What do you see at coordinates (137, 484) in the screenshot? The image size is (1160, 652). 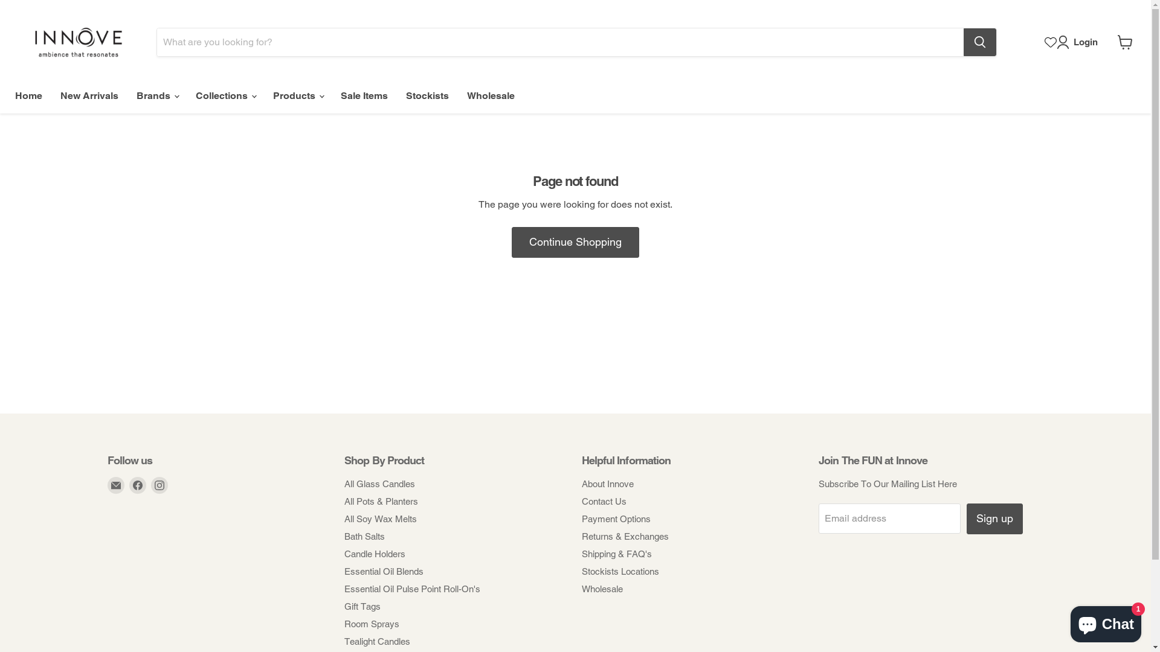 I see `'Find us on Facebook'` at bounding box center [137, 484].